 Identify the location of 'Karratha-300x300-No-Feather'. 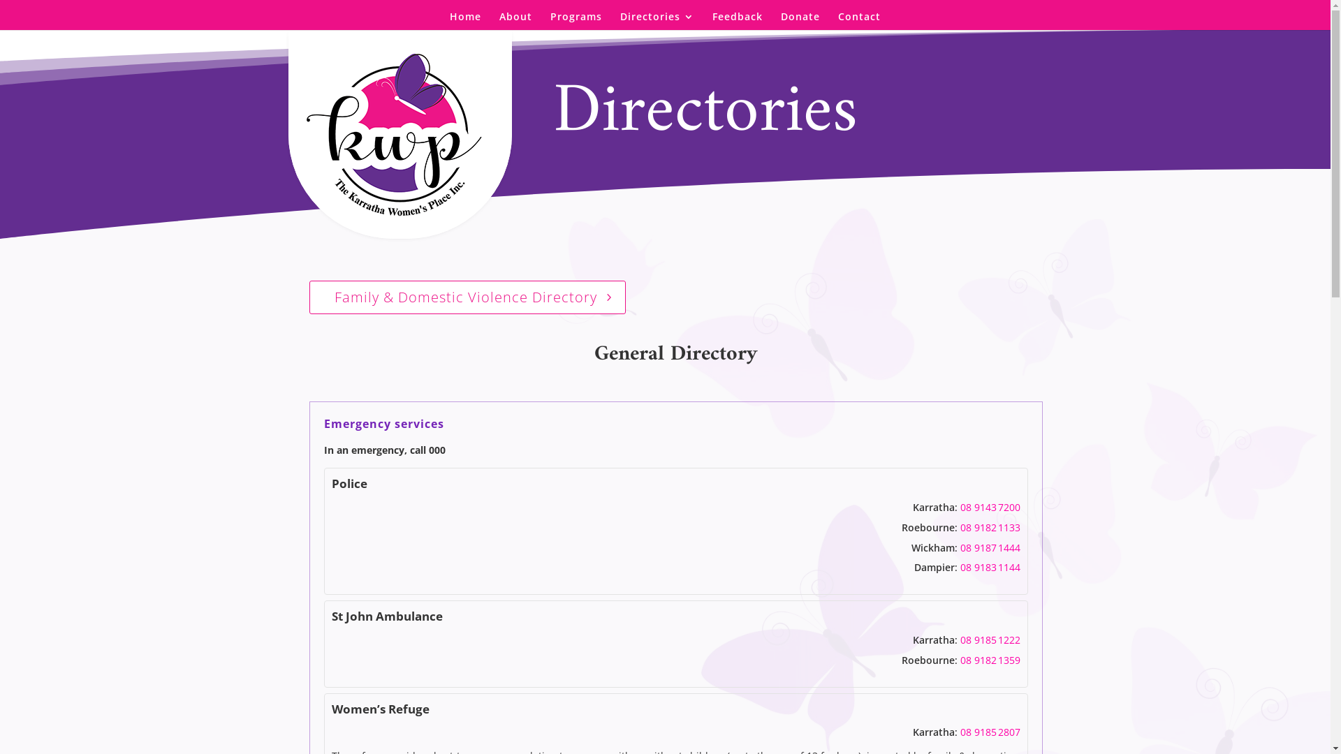
(294, 134).